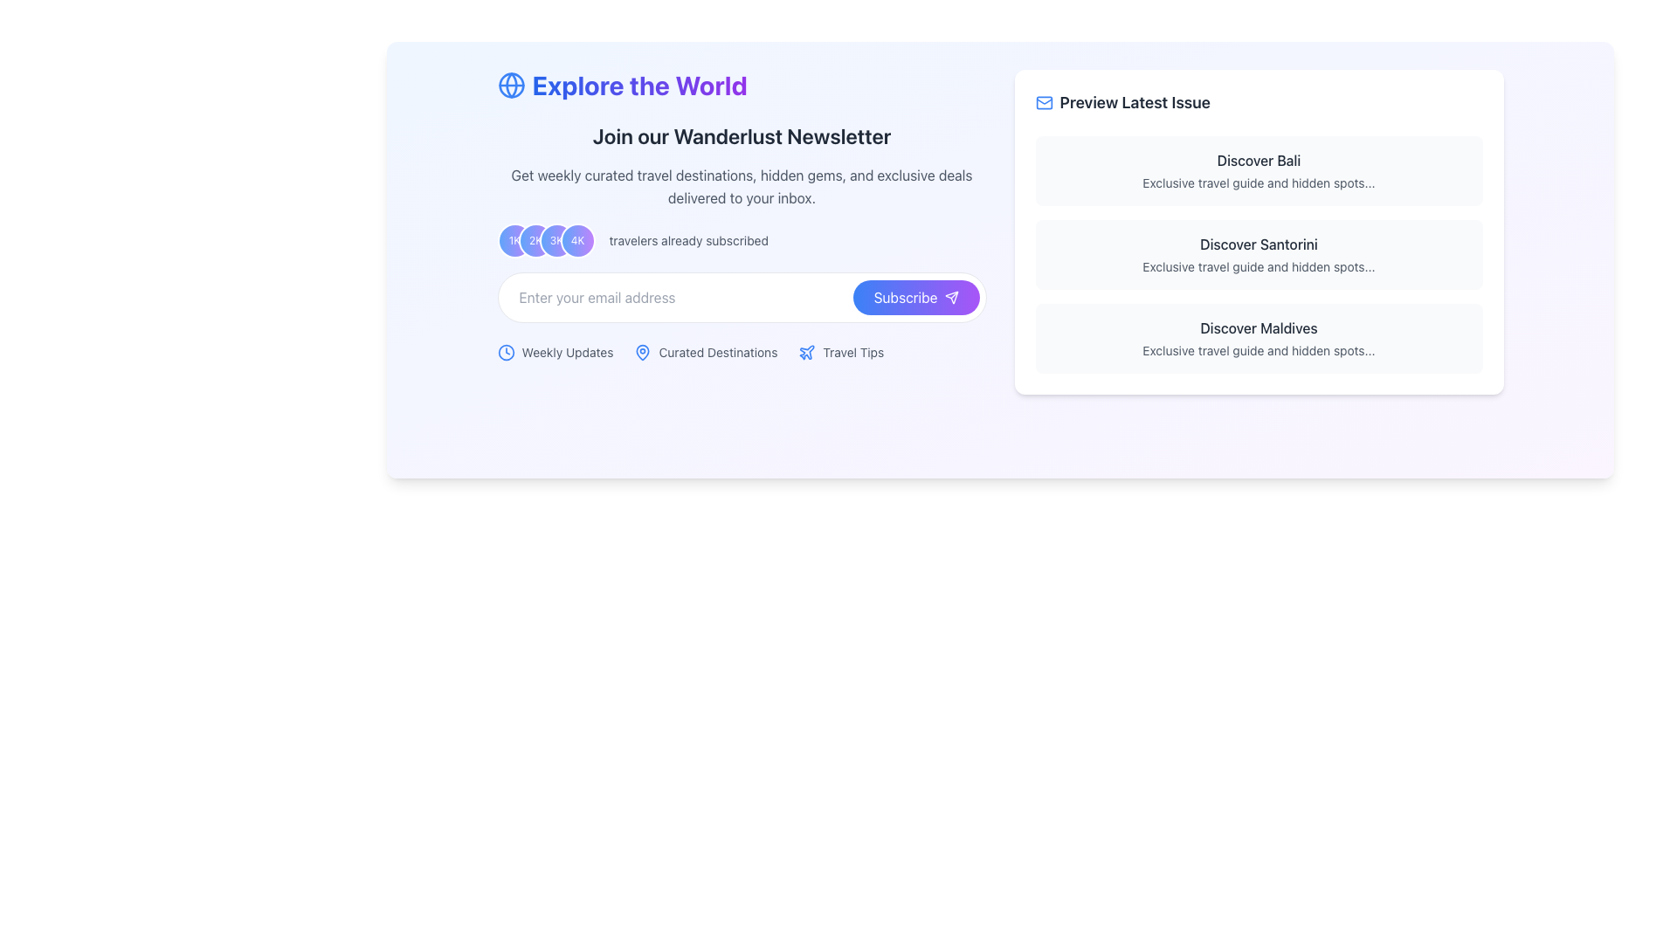  Describe the element at coordinates (742, 85) in the screenshot. I see `the Title with Icon that features a round globe icon and the text 'Explore the World', which is styled with a gradient from blue to purple` at that location.